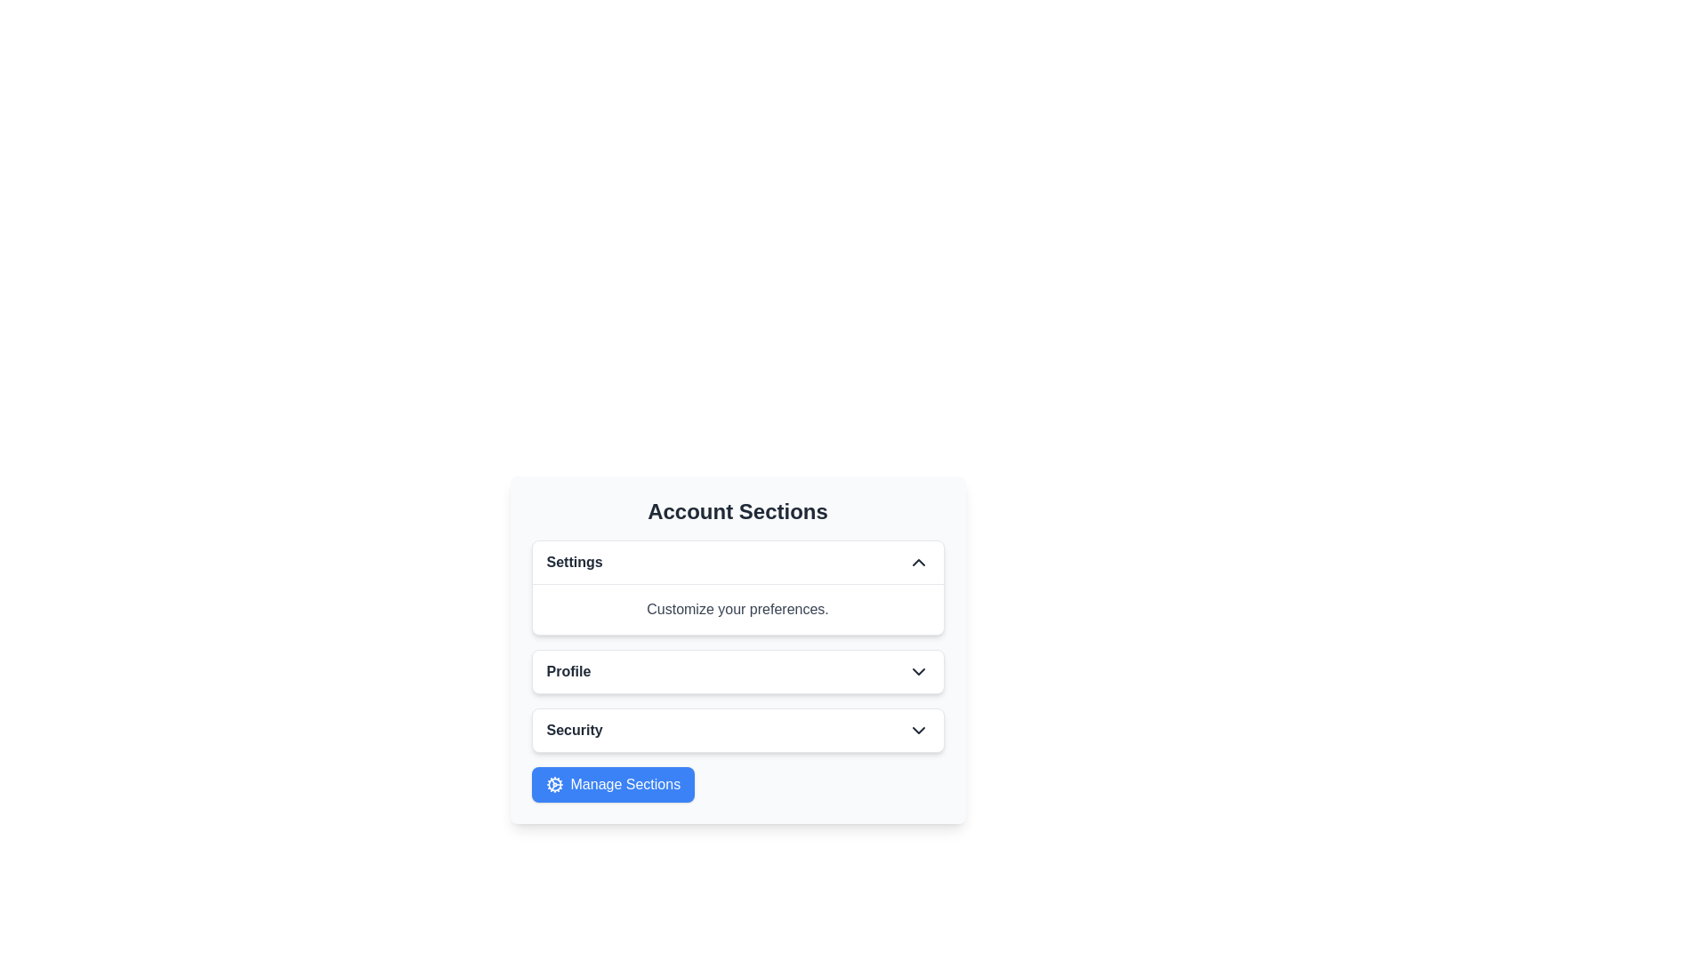 This screenshot has height=960, width=1708. I want to click on the 'Manage Sections' button, which is a rectangular button with rounded corners, bright blue background, and white text, located under the 'Account Sections' section, so click(613, 784).